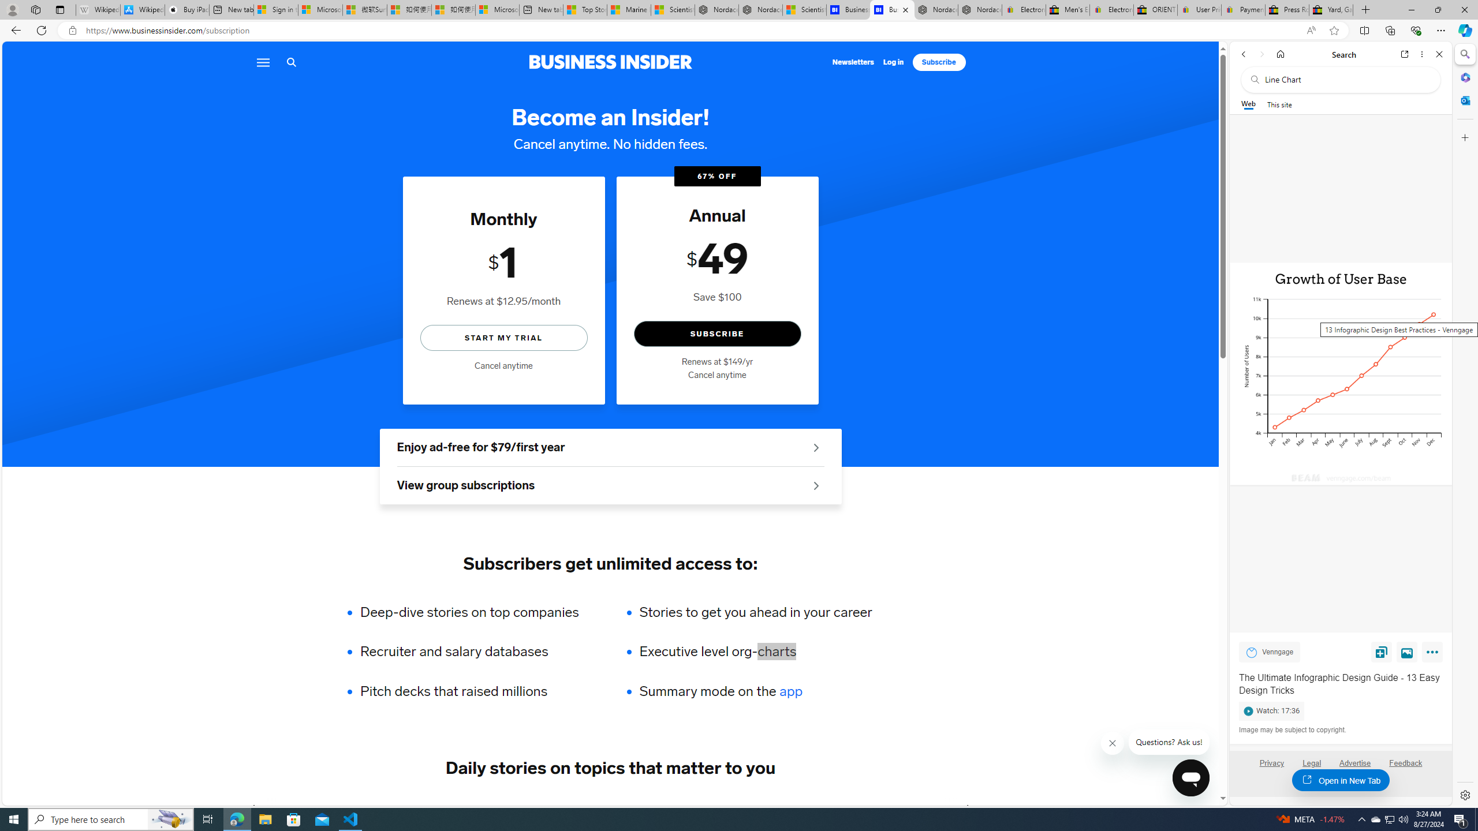  What do you see at coordinates (610, 447) in the screenshot?
I see `'Enjoy ad-free for $79/first year'` at bounding box center [610, 447].